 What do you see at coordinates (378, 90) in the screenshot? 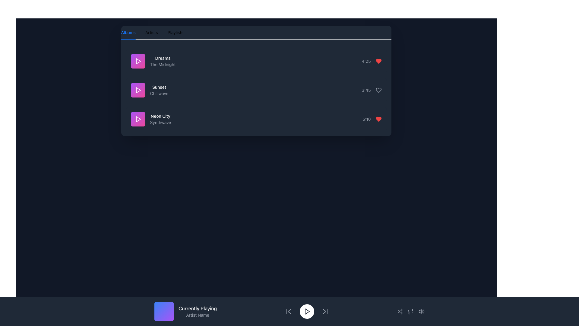
I see `the heart-shaped icon outlined in gray, located next to the '3:45' timestamp` at bounding box center [378, 90].